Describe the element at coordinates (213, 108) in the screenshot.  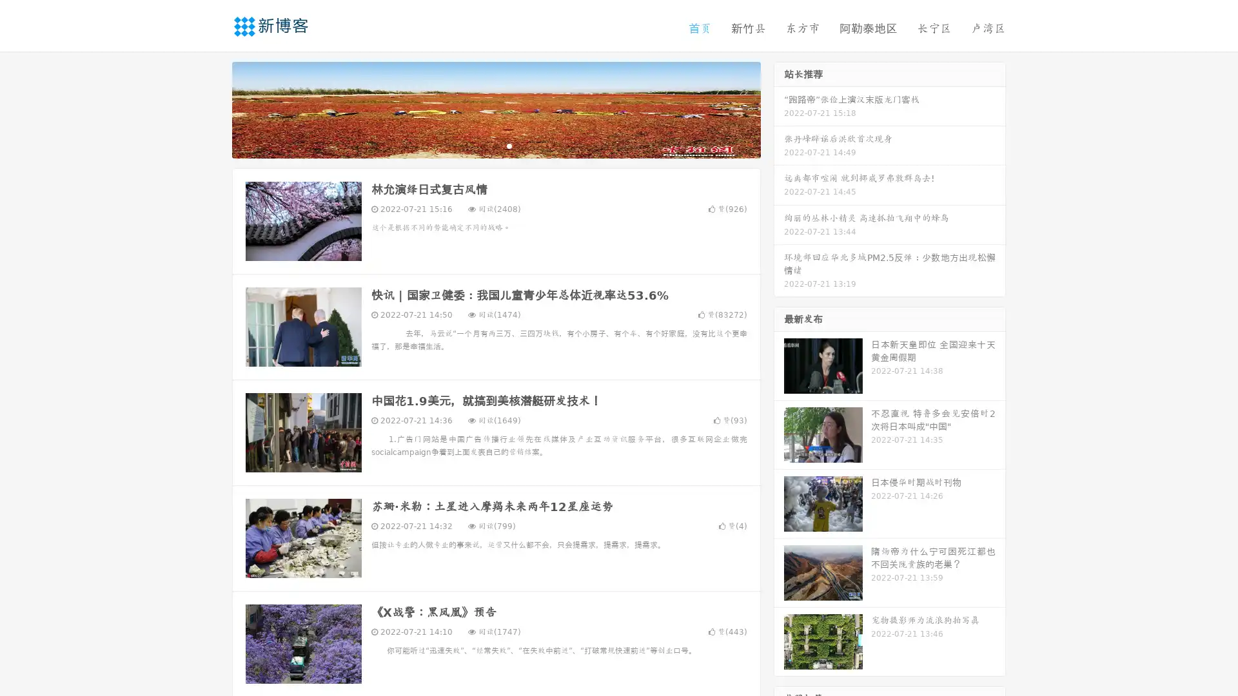
I see `Previous slide` at that location.